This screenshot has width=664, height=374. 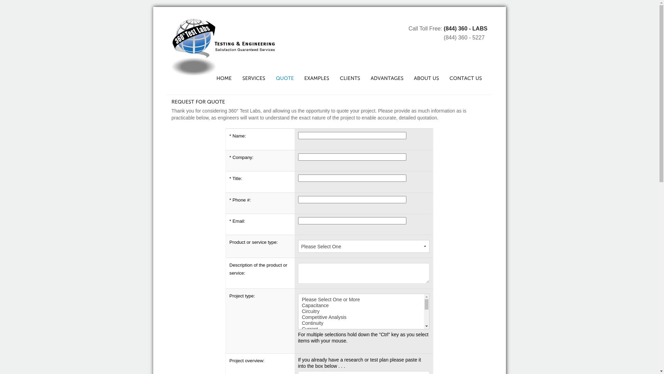 I want to click on 'Back Home', so click(x=223, y=46).